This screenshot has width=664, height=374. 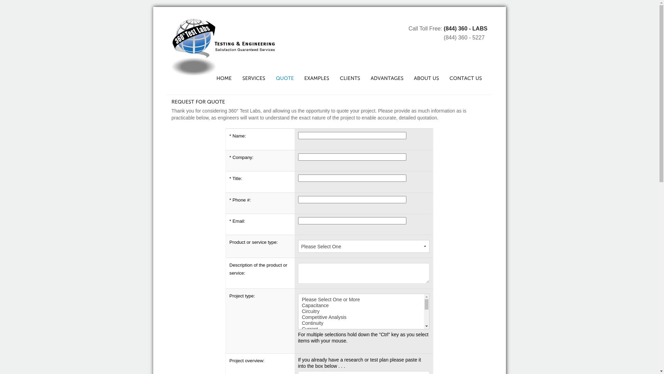 I want to click on 'Back Home', so click(x=223, y=46).